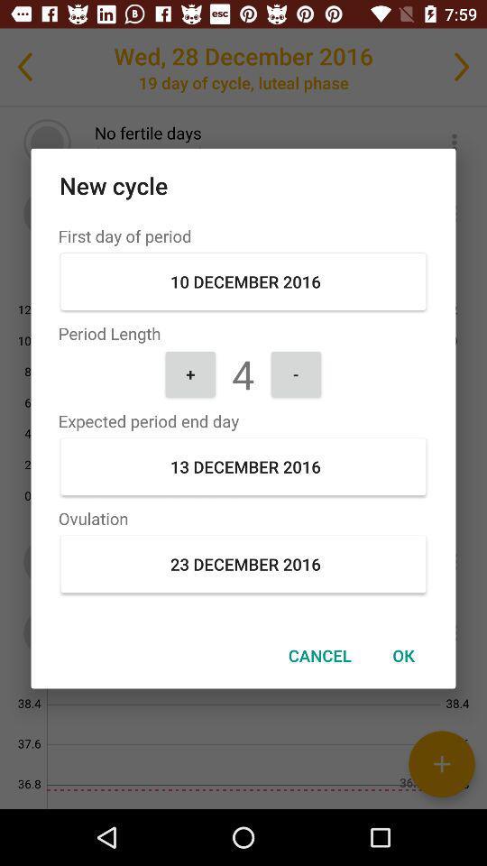 The width and height of the screenshot is (487, 866). What do you see at coordinates (296, 373) in the screenshot?
I see `the item to the right of the 4 icon` at bounding box center [296, 373].